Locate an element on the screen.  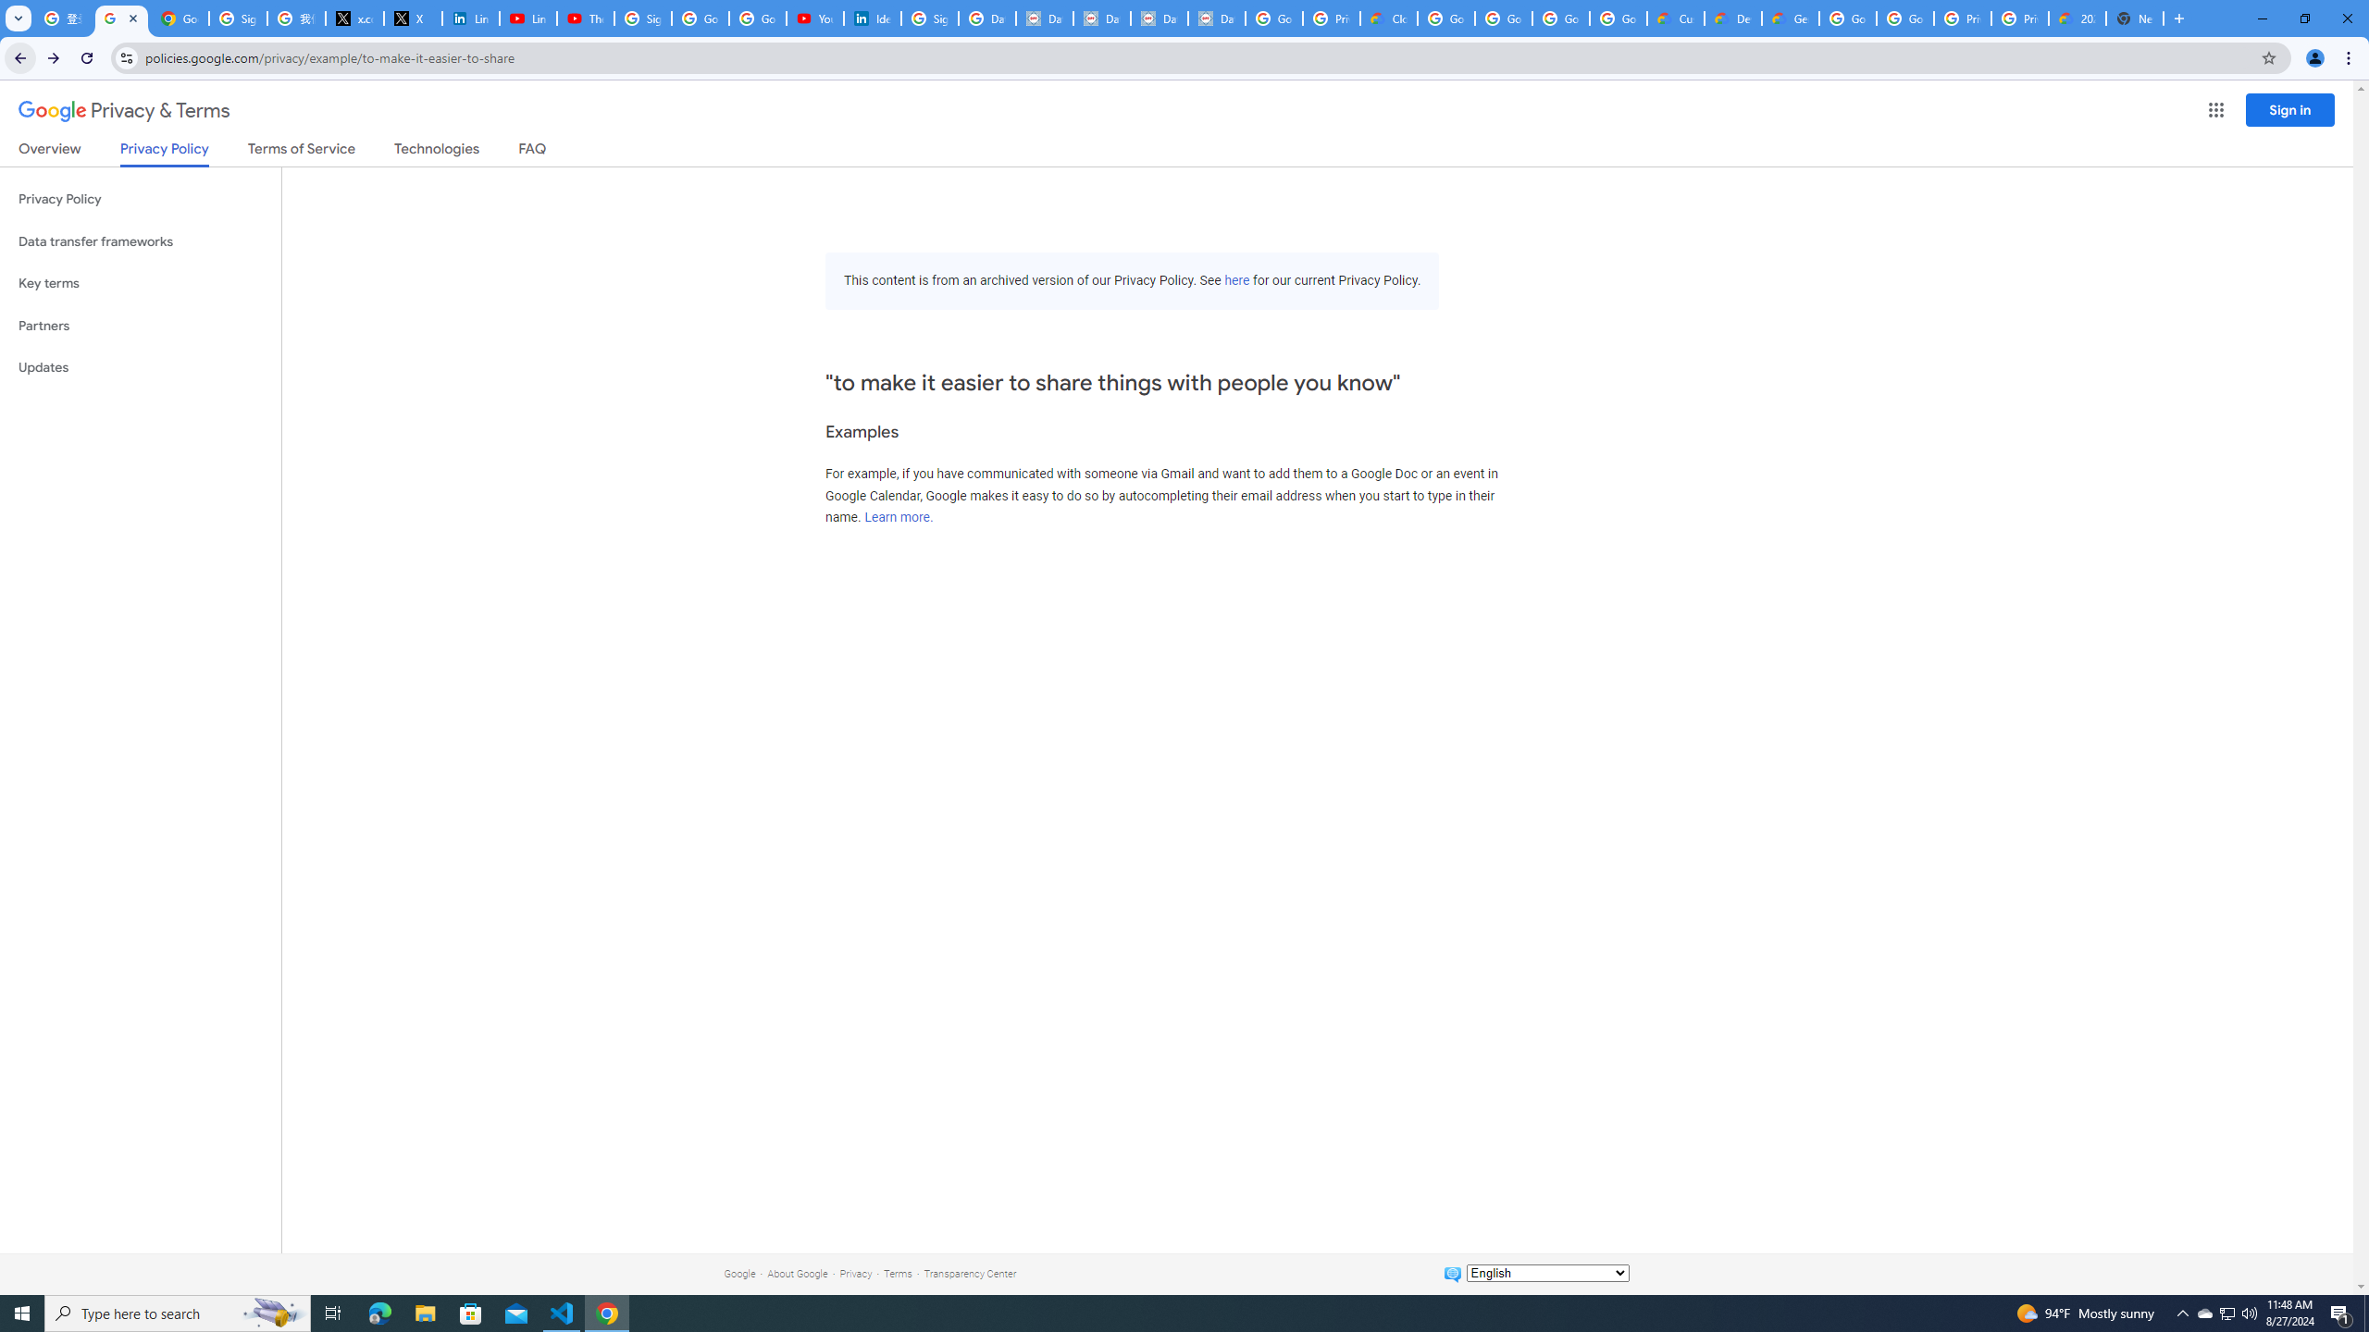
'X' is located at coordinates (412, 18).